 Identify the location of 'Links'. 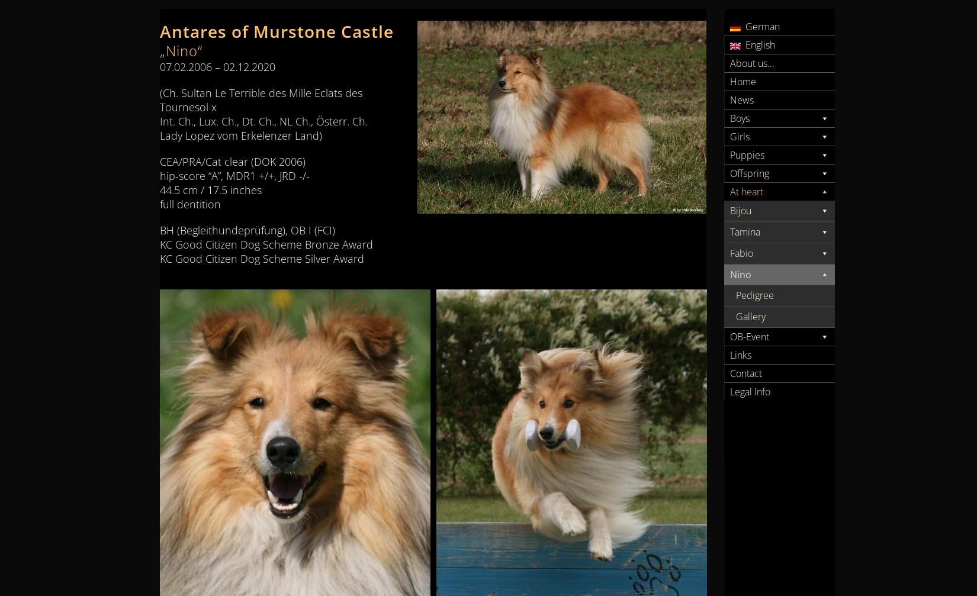
(740, 354).